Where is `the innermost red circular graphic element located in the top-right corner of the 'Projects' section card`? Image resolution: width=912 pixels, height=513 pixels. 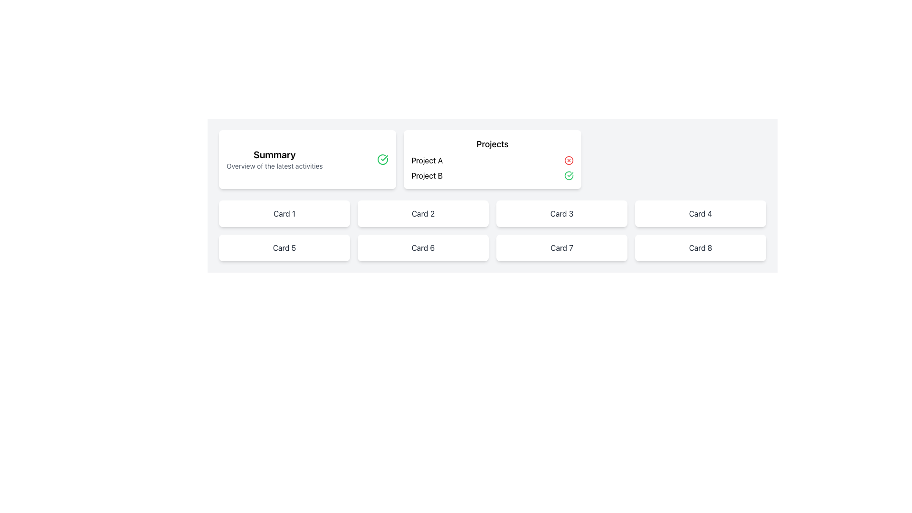
the innermost red circular graphic element located in the top-right corner of the 'Projects' section card is located at coordinates (569, 160).